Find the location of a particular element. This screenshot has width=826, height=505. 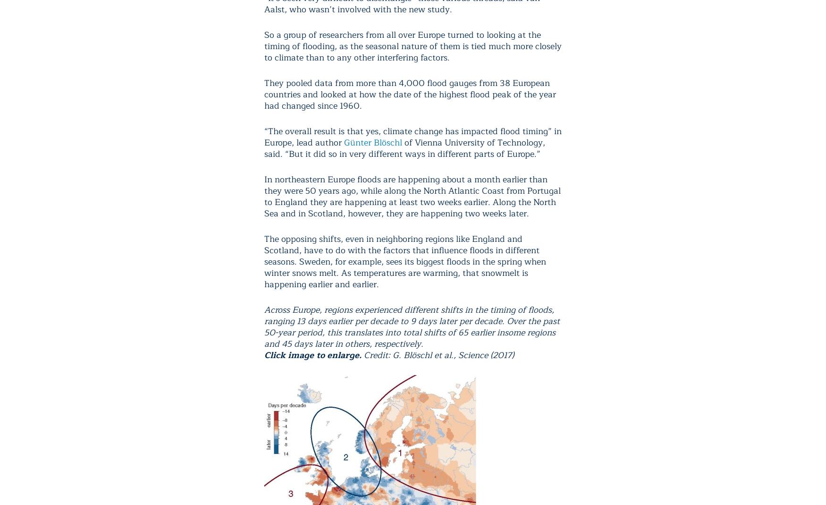

'The opposing shifts, even in neighboring regions like England and Scotland, have to do with the factors that influence floods in different seasons. Sweden, for example, sees its biggest floods in the spring when winter snows melt. As temperatures are warming, that snowmelt is happening earlier and earlier.' is located at coordinates (264, 261).